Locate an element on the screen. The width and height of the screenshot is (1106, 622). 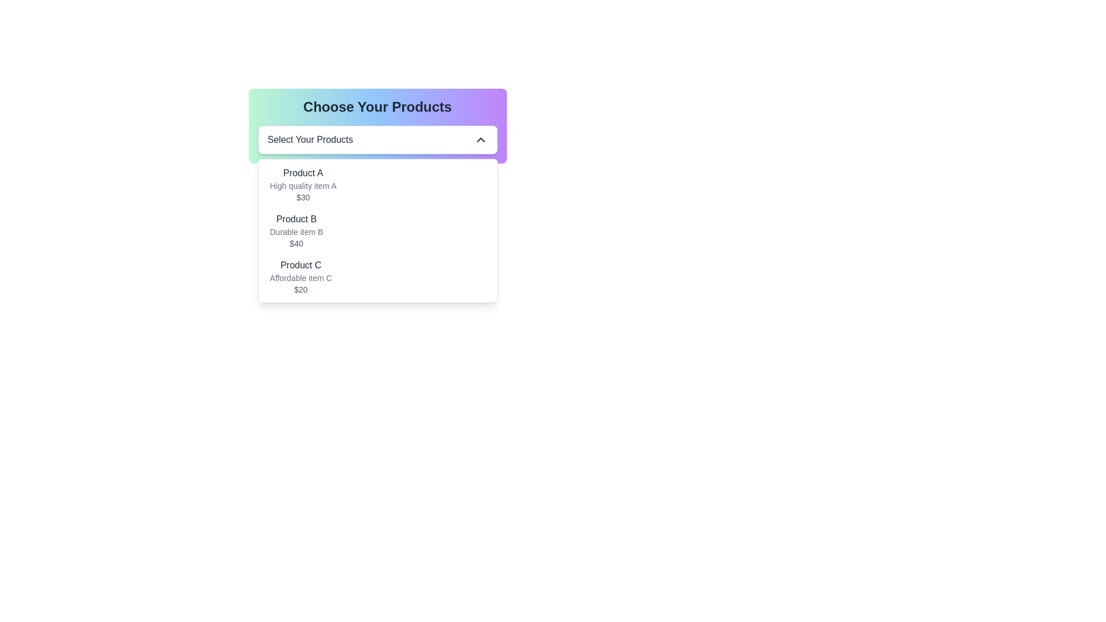
text displayed in the price label showing '$20', which is positioned below the 'Affordable item C' description in the product details of 'Product C' is located at coordinates (301, 289).